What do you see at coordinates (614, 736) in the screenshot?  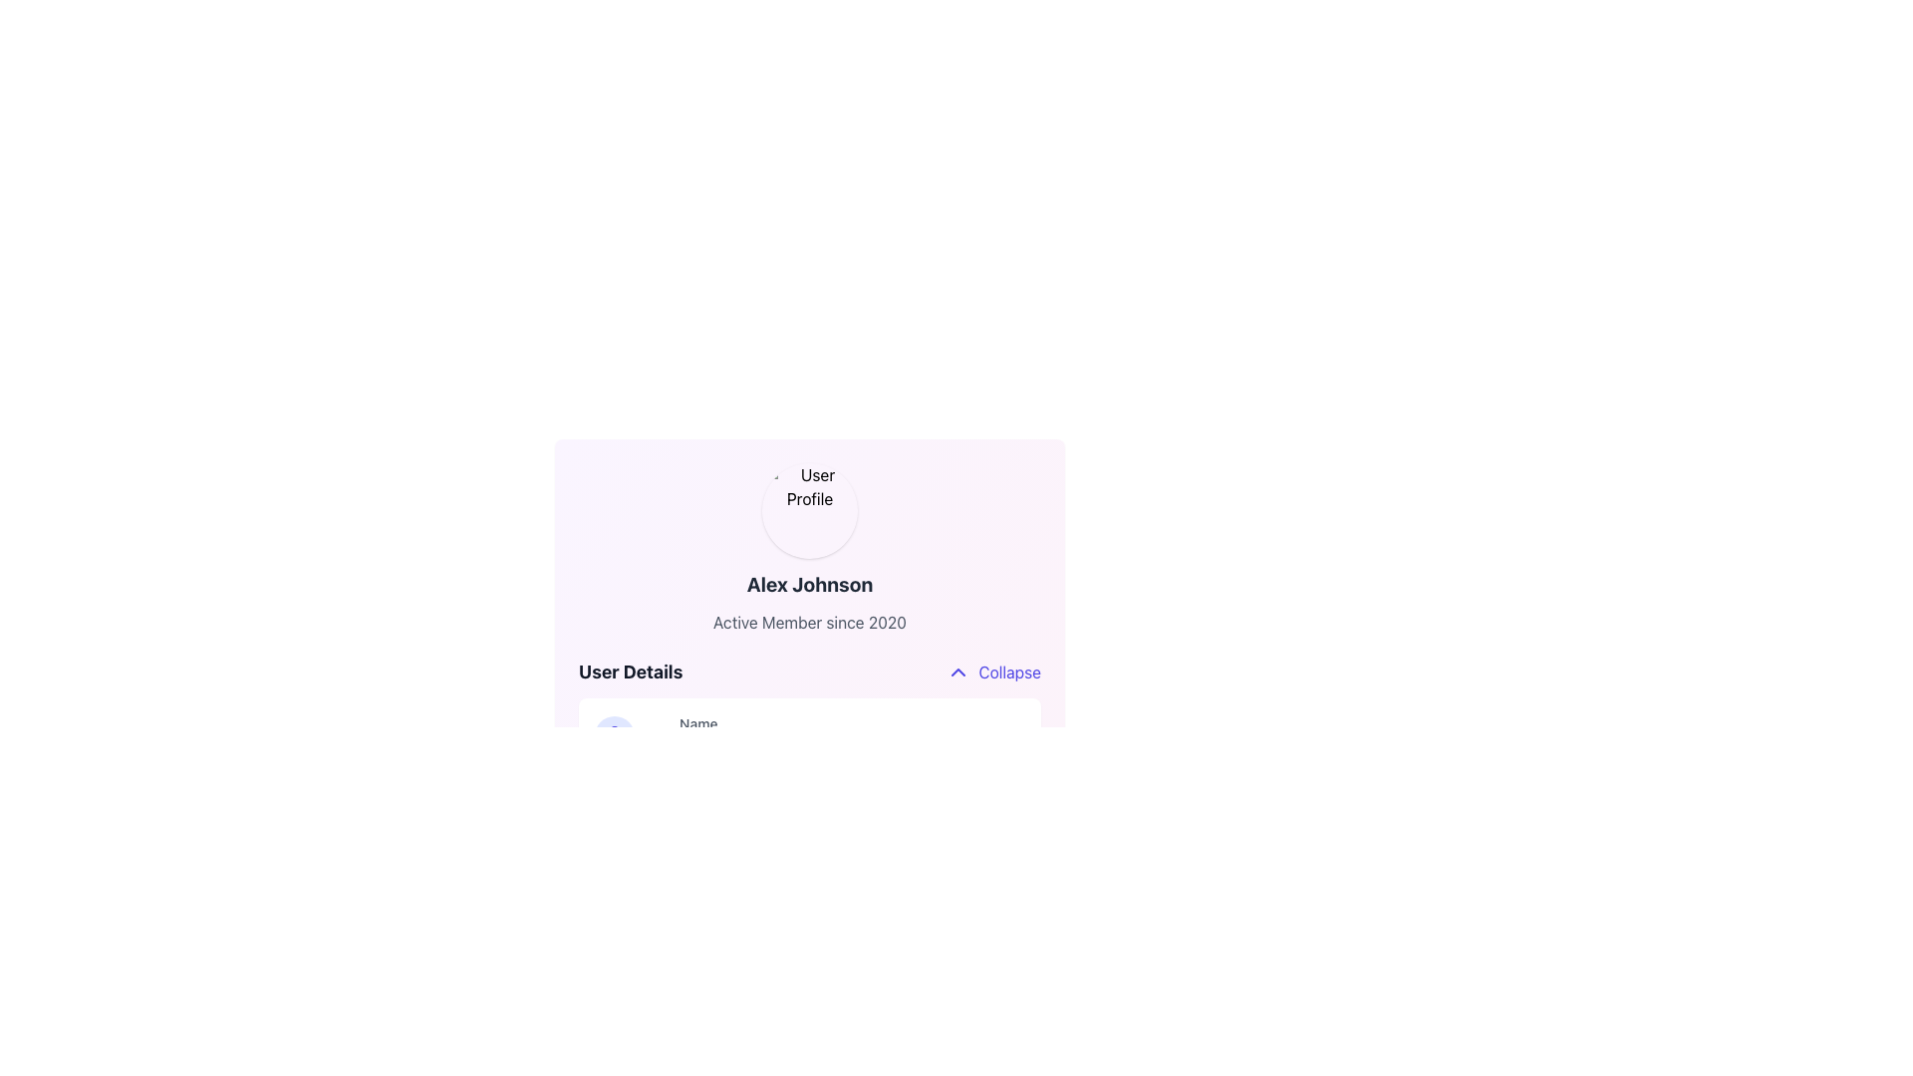 I see `the user profile icon representing 'Alex Johnson', located on the left side of the 'User Details' section, adjacent to the label 'Name'` at bounding box center [614, 736].